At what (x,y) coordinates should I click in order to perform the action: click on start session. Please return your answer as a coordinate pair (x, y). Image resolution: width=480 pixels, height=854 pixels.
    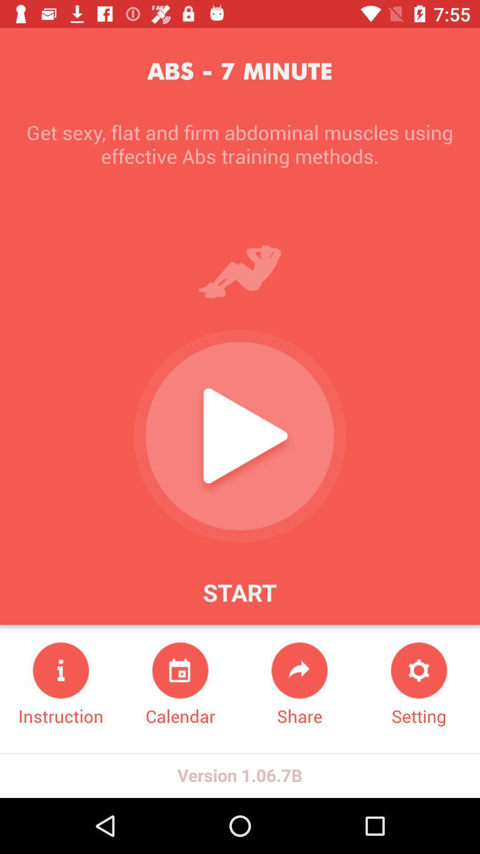
    Looking at the image, I should click on (239, 436).